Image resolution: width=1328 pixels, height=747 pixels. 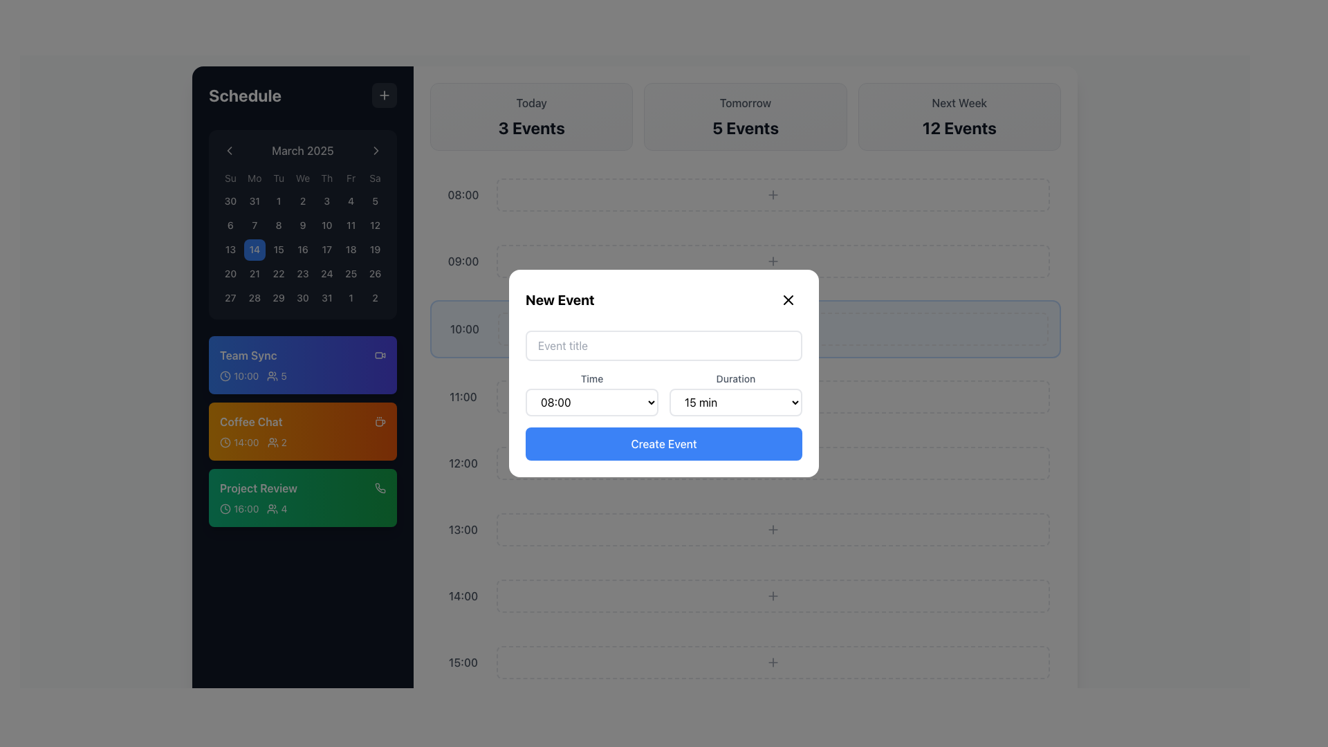 What do you see at coordinates (735, 403) in the screenshot?
I see `the dropdown menu displaying '15 min' in the 'New Event' modal` at bounding box center [735, 403].